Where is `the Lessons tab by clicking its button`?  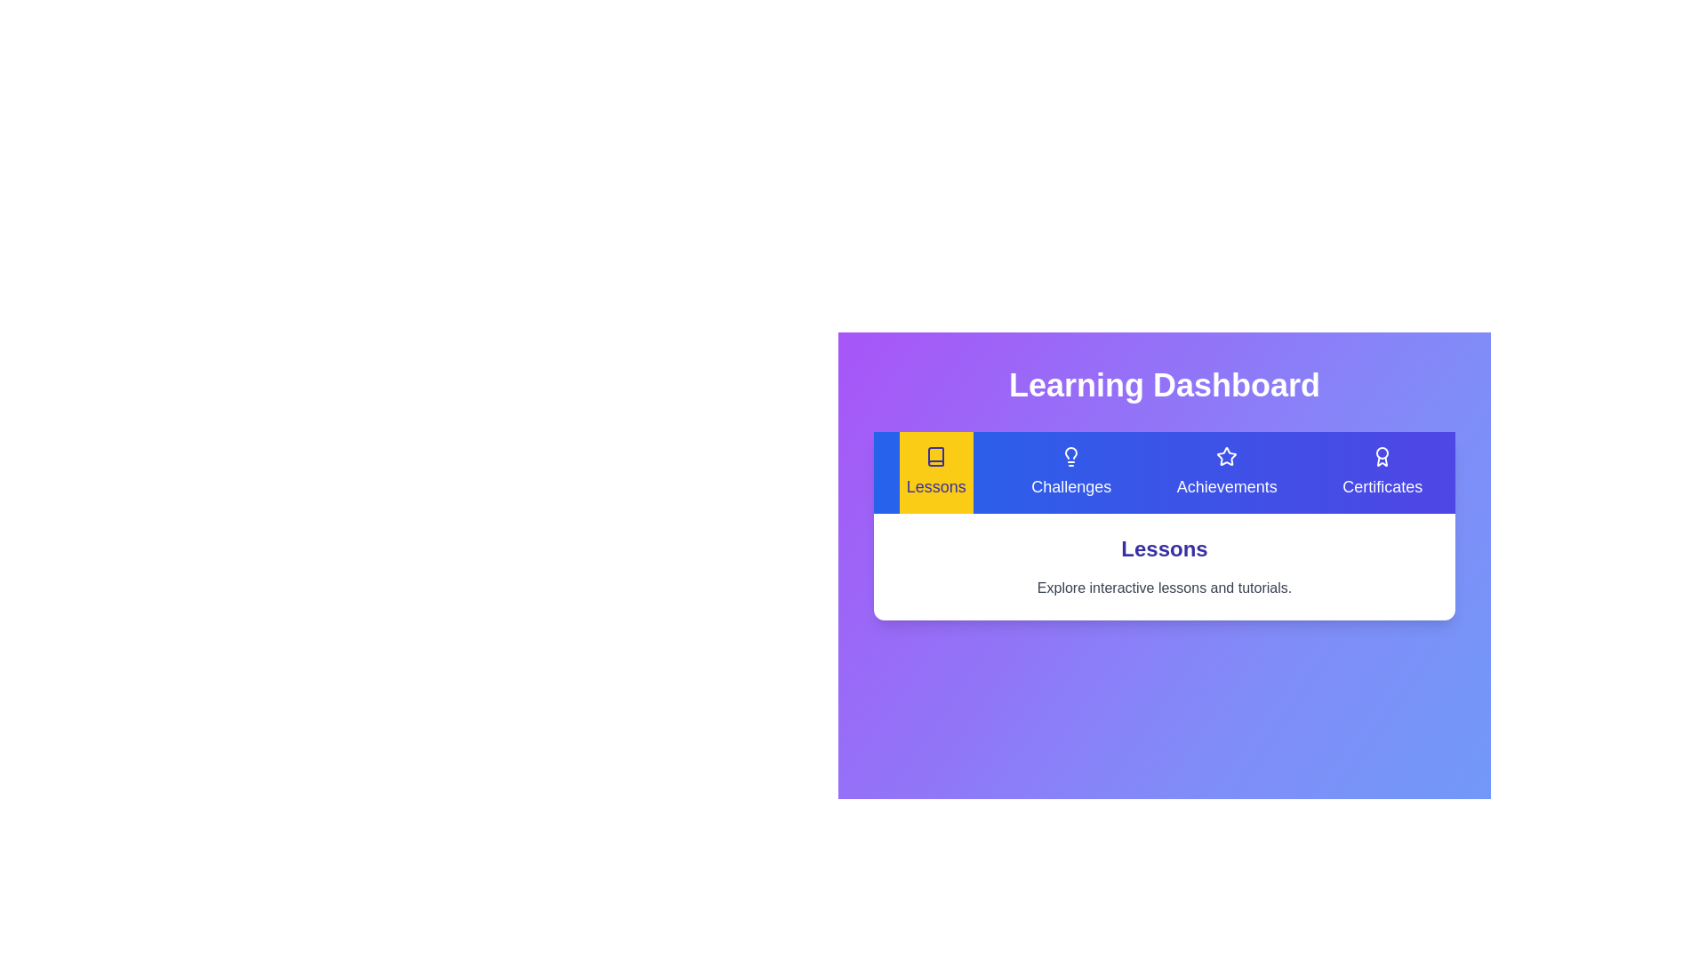
the Lessons tab by clicking its button is located at coordinates (934, 472).